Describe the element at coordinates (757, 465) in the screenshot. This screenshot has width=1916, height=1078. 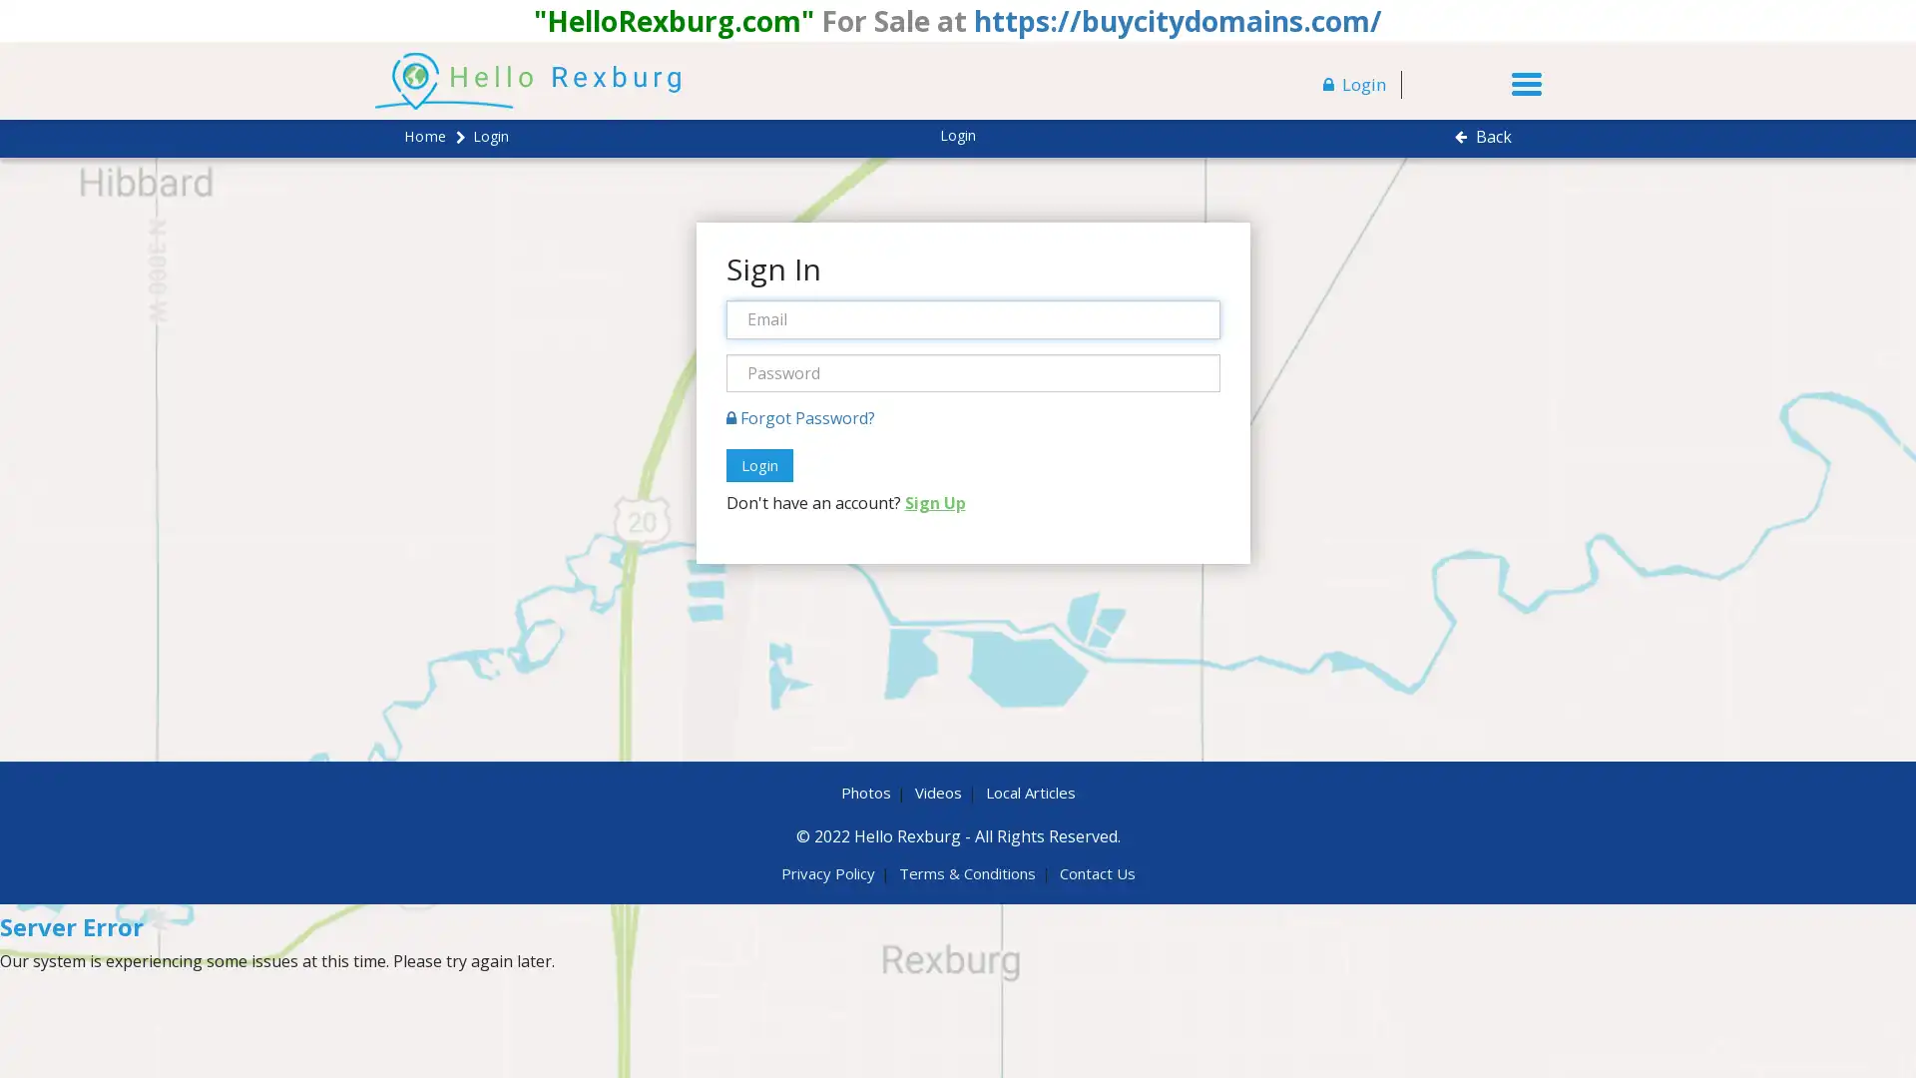
I see `Login` at that location.